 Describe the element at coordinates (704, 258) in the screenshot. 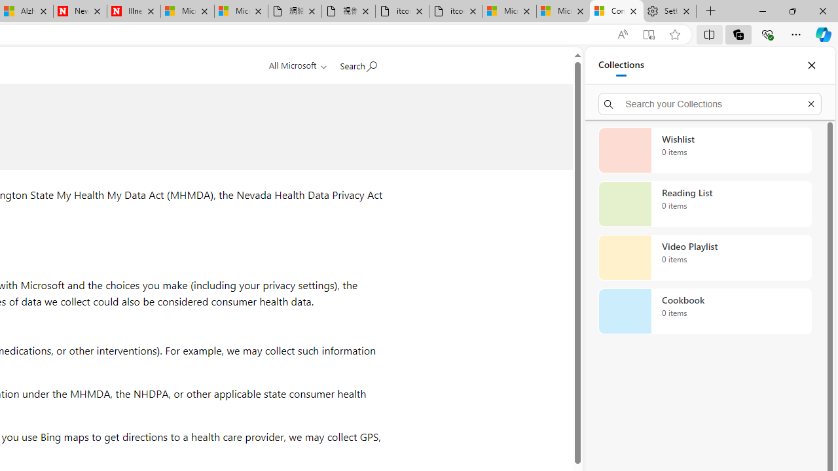

I see `'Video Playlist collection, 0 items'` at that location.